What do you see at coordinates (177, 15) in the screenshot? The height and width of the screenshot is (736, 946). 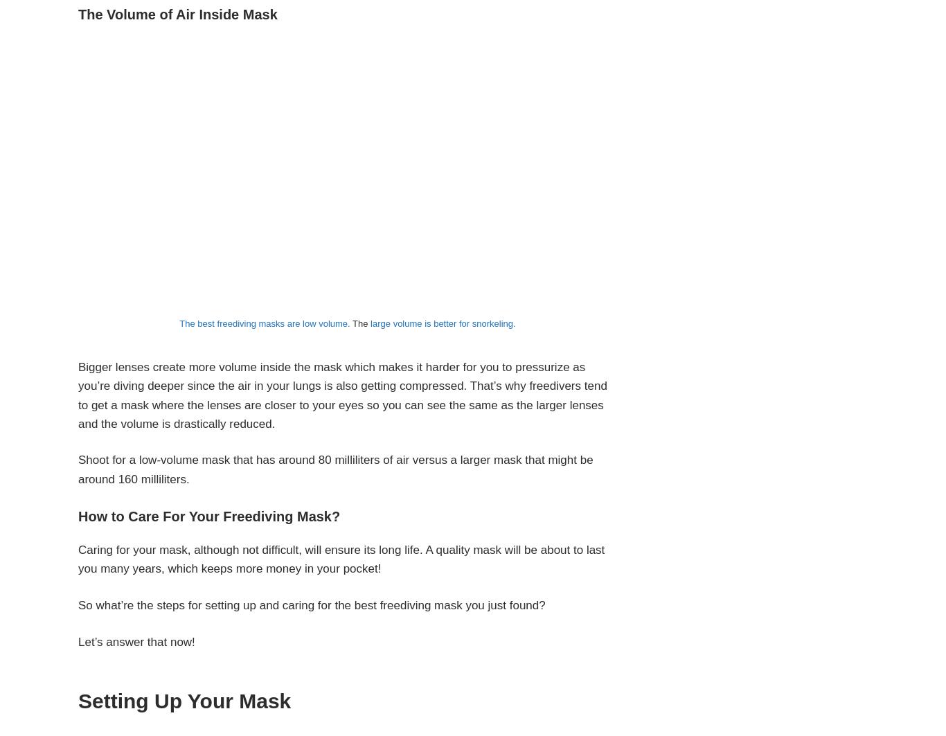 I see `'The Volume of Air Inside Mask'` at bounding box center [177, 15].